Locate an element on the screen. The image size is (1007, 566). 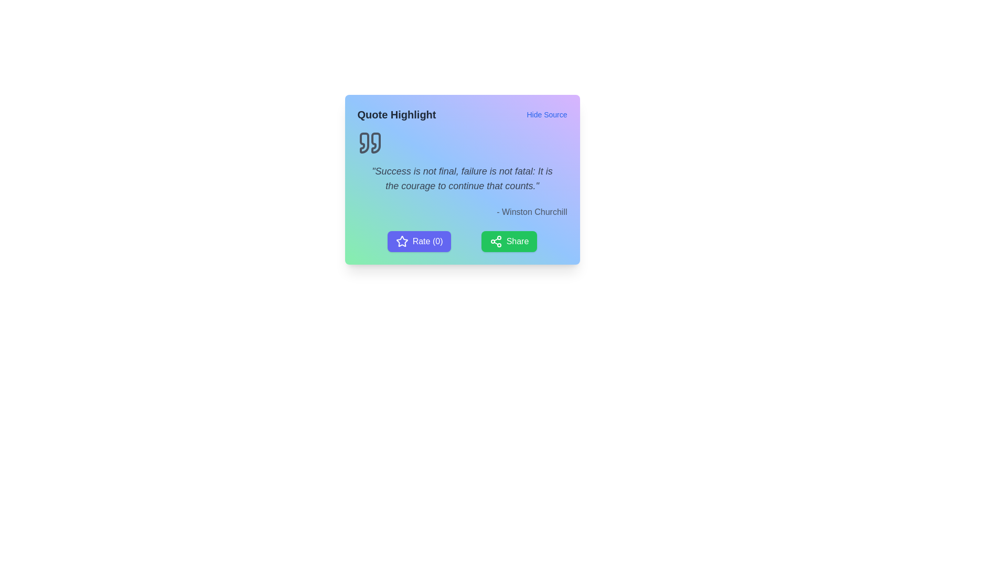
the share icon located within the green 'Share' button in the lower right section of the card interface is located at coordinates (495, 242).